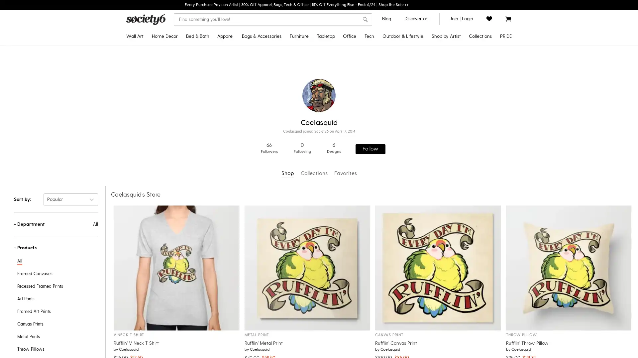 This screenshot has height=358, width=638. Describe the element at coordinates (246, 85) in the screenshot. I see `Long Sleeve T-Shirts` at that location.